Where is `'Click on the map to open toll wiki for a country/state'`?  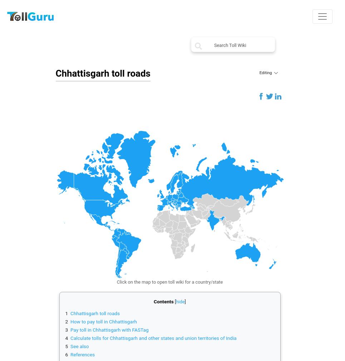 'Click on the map to open toll wiki for a country/state' is located at coordinates (169, 282).